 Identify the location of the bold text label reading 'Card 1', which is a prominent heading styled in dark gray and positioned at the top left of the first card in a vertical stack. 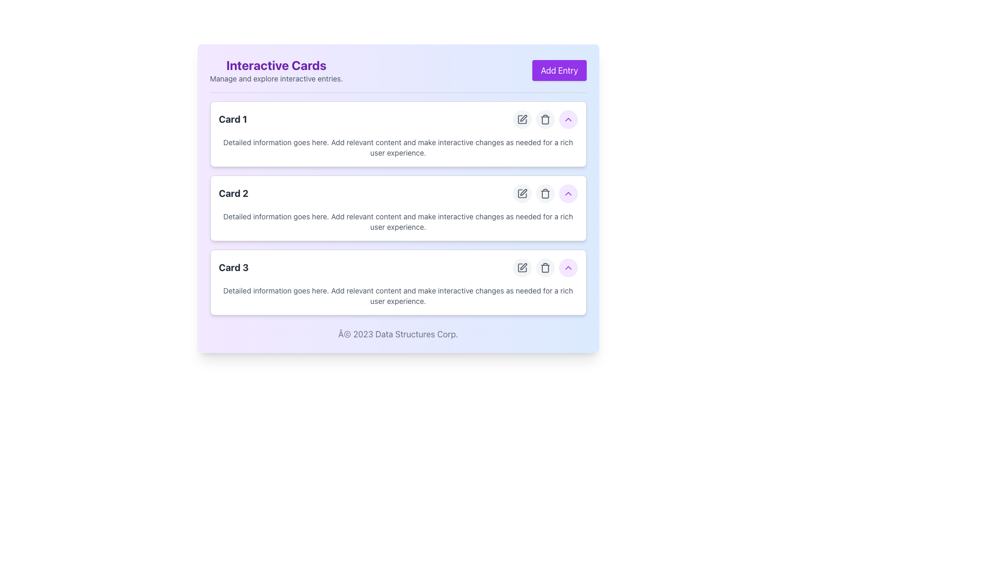
(232, 119).